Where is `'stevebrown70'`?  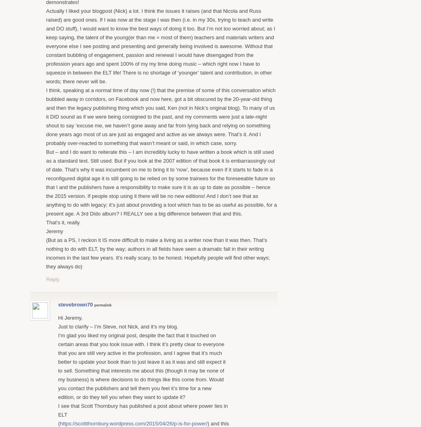
'stevebrown70' is located at coordinates (75, 304).